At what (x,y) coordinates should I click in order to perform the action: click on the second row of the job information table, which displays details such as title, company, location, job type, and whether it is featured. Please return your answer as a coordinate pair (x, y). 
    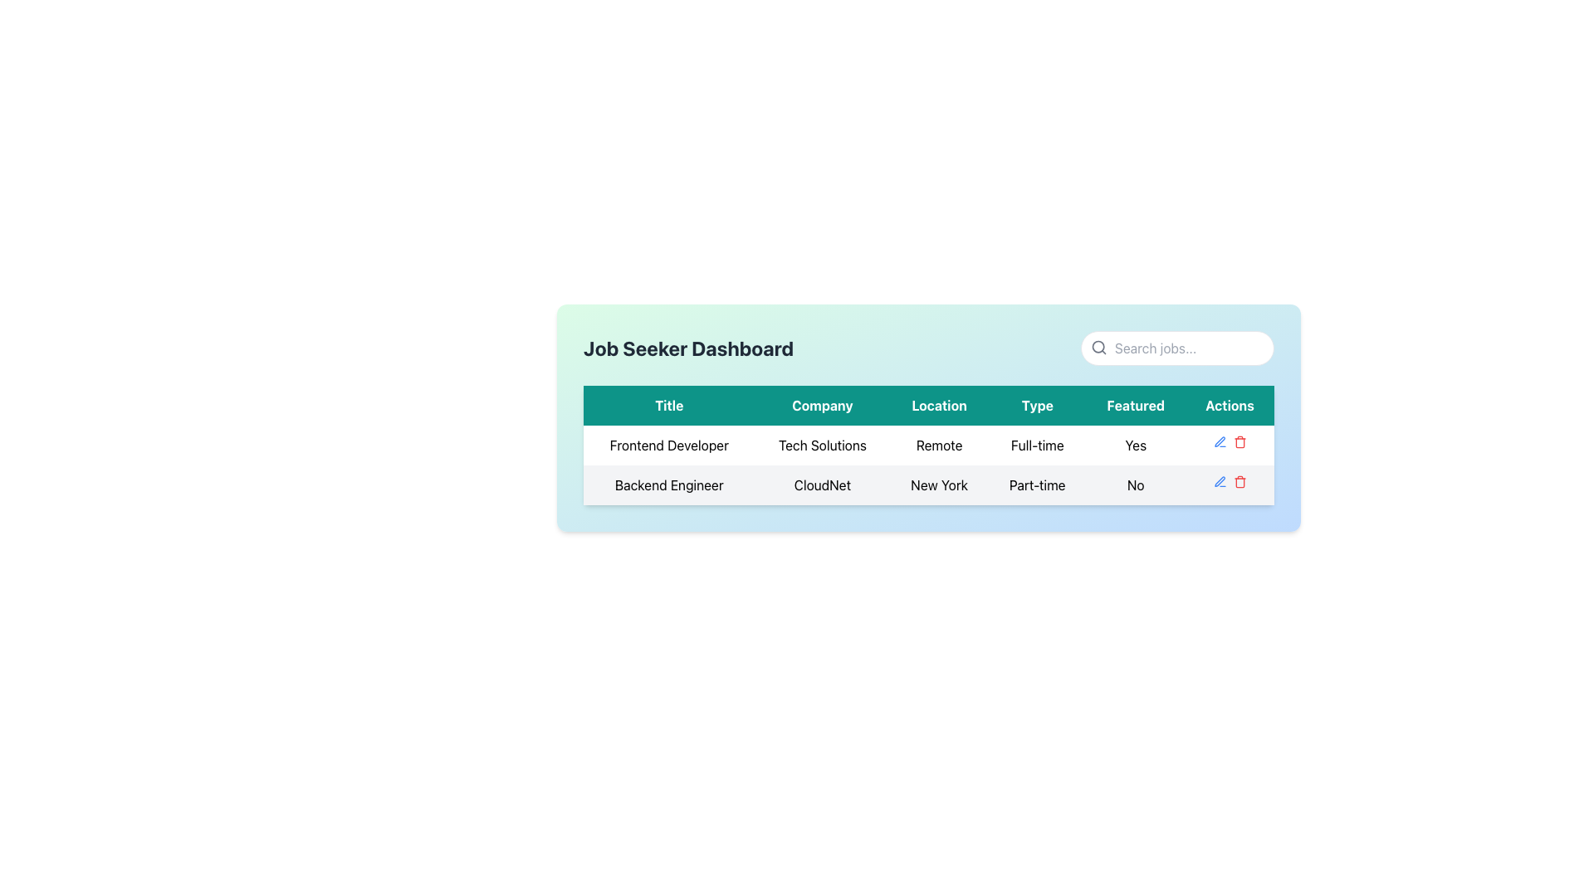
    Looking at the image, I should click on (927, 485).